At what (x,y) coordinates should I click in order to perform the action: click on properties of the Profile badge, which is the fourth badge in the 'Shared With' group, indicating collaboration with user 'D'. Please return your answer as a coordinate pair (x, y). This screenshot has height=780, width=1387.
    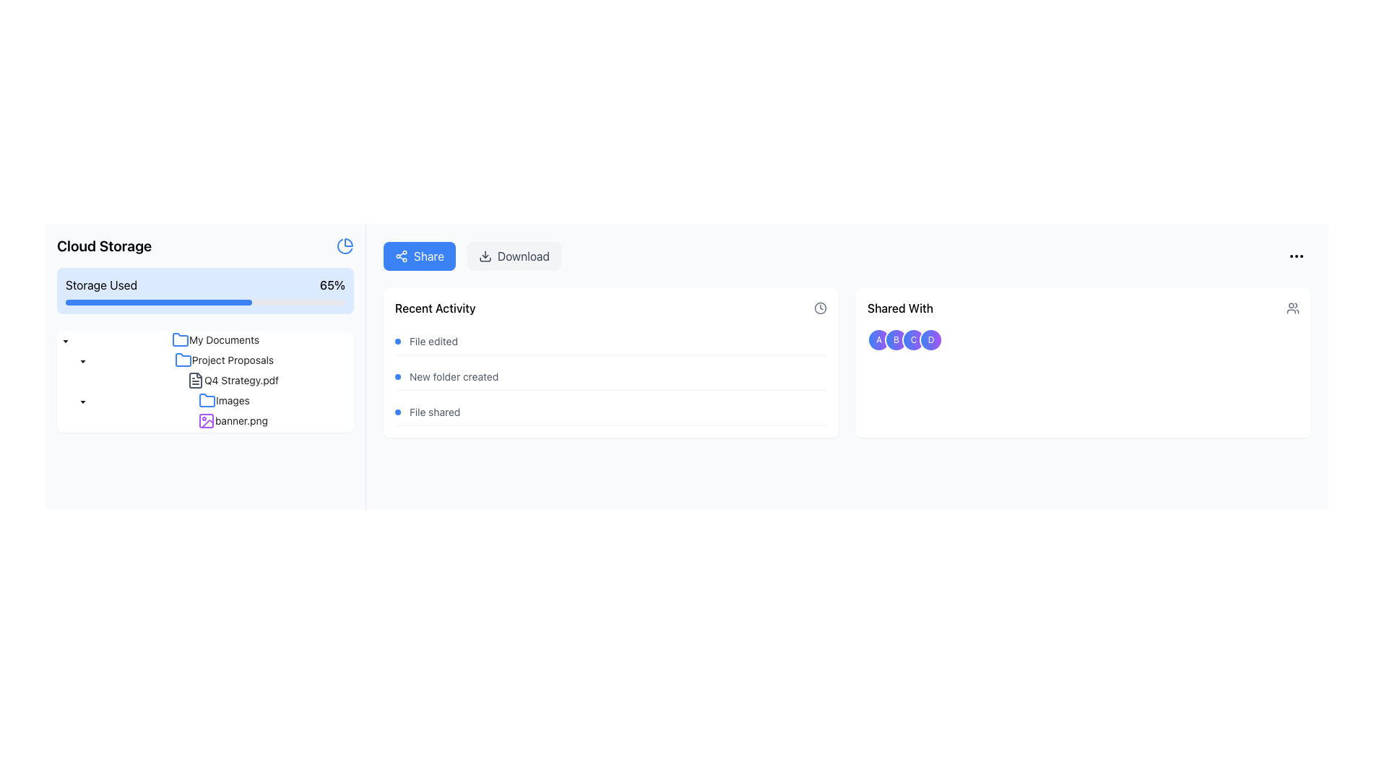
    Looking at the image, I should click on (931, 339).